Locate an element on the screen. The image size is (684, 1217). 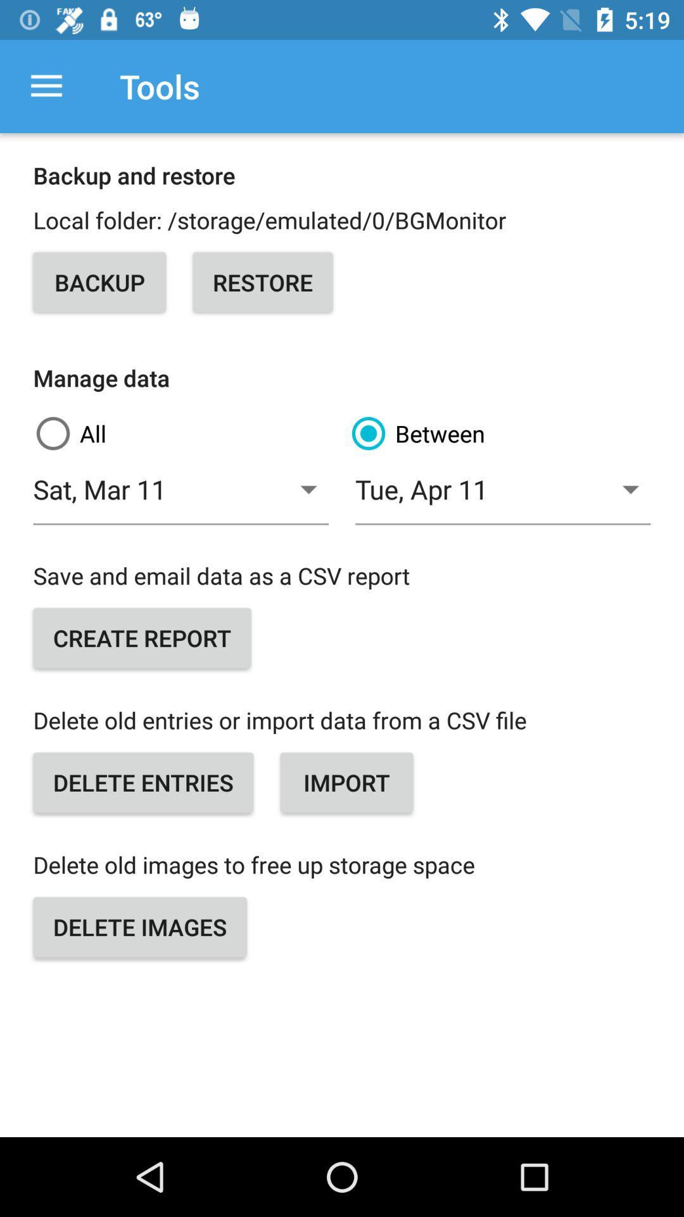
item next to all icon is located at coordinates (499, 434).